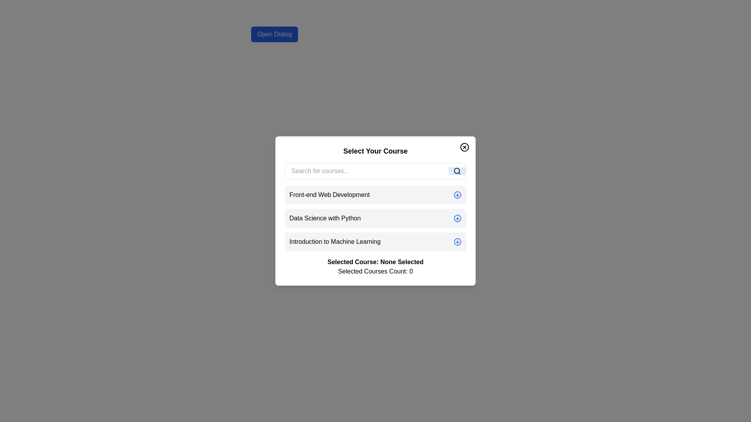 Image resolution: width=751 pixels, height=422 pixels. What do you see at coordinates (375, 241) in the screenshot?
I see `the third course selection item in the list under 'Select Your Course'` at bounding box center [375, 241].